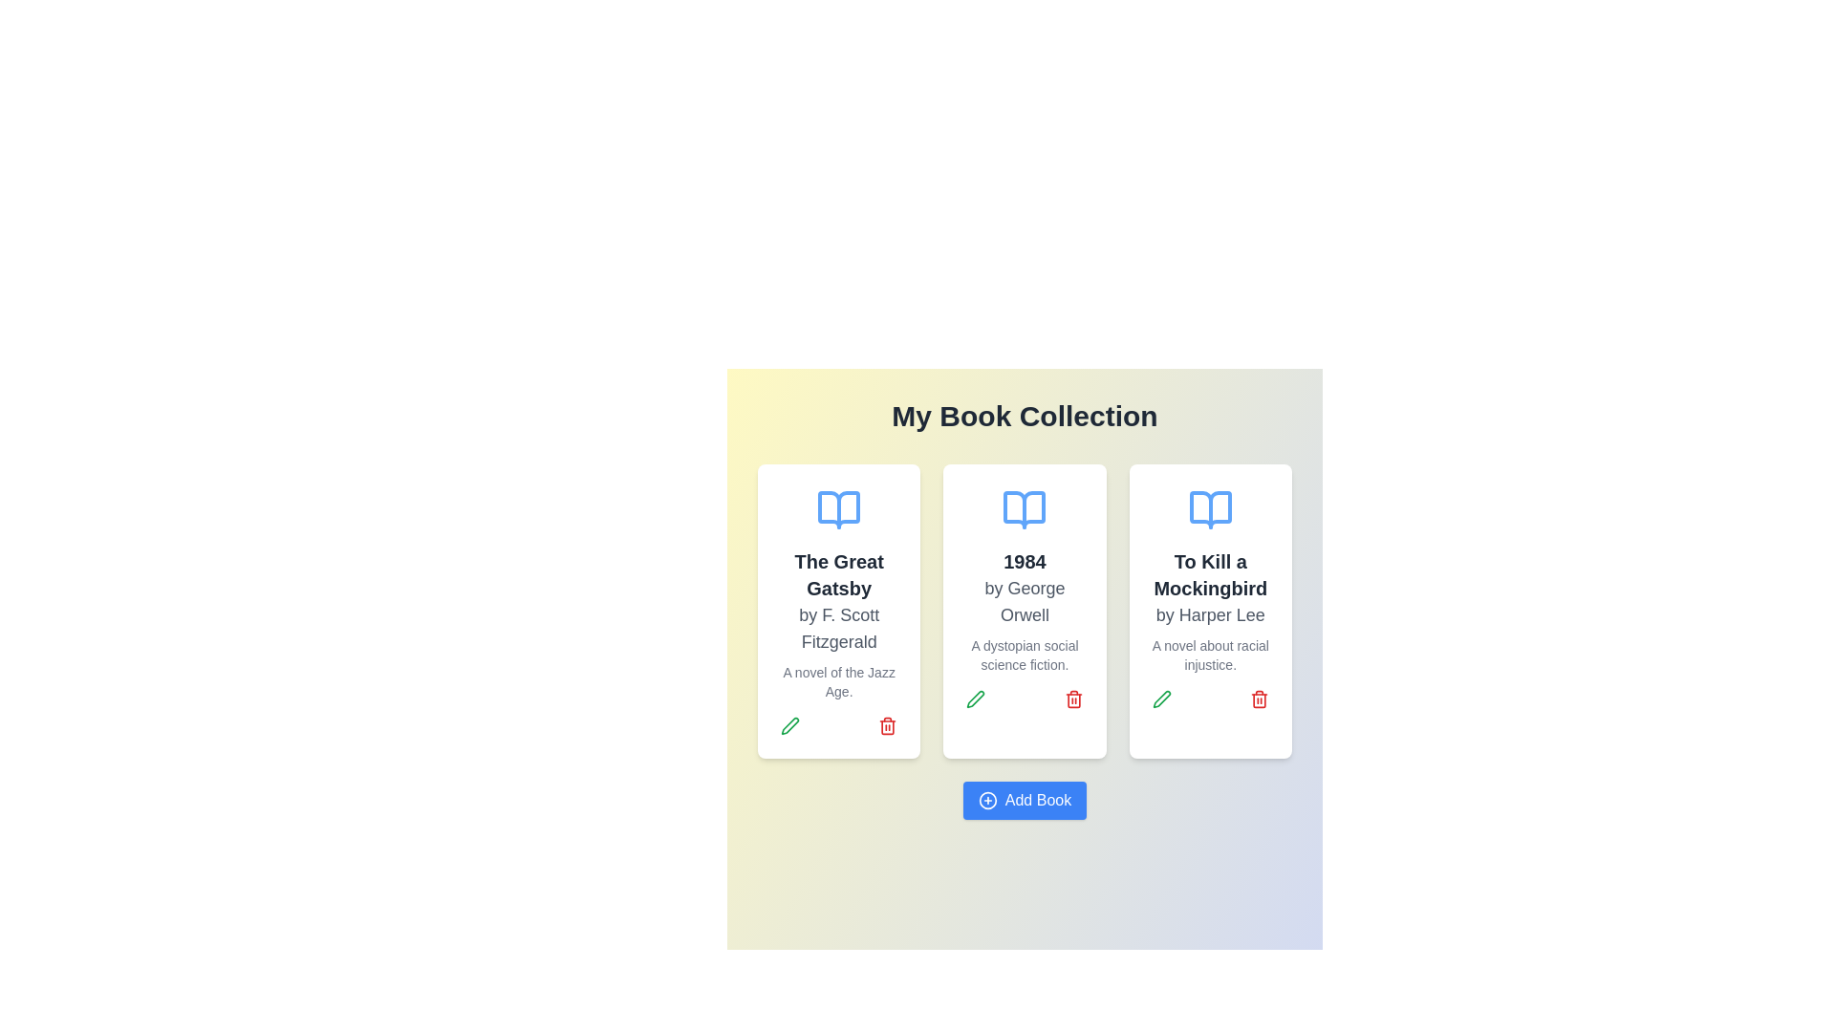 The width and height of the screenshot is (1835, 1032). What do you see at coordinates (1160, 699) in the screenshot?
I see `the green edit icon resembling a pen located below the book title and author information for 'To Kill a Mockingbird' in the 'My Book Collection' section` at bounding box center [1160, 699].